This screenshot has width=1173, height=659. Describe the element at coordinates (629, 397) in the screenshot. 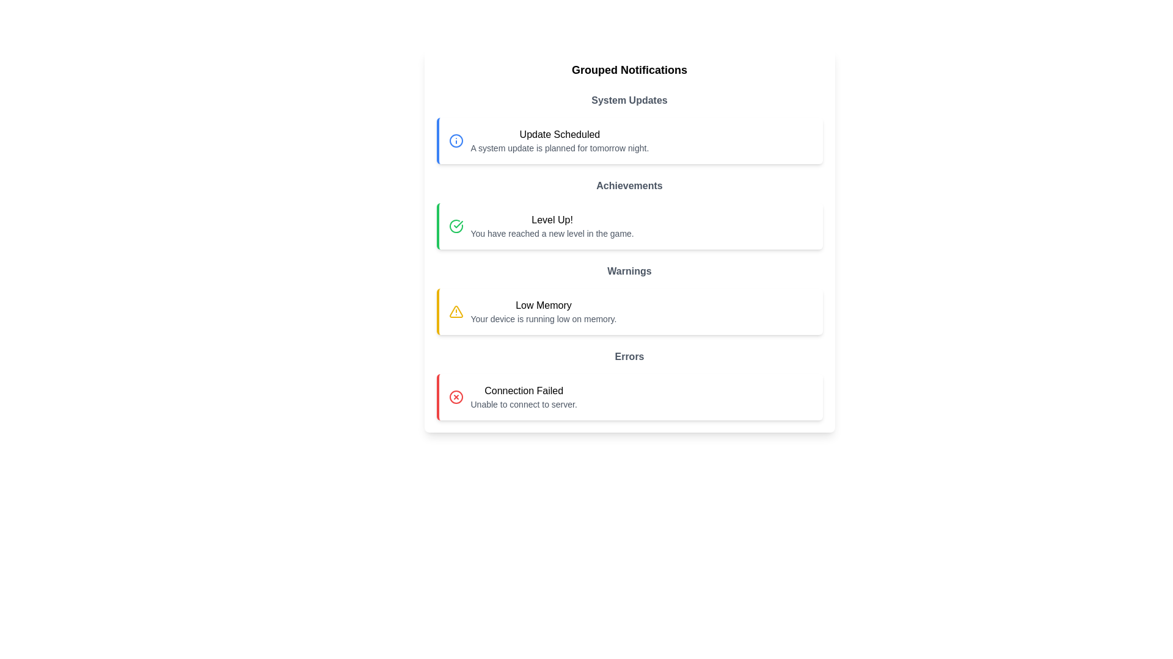

I see `information displayed in the notification card that indicates 'Connection Failed' and 'Unable to connect to server.'` at that location.